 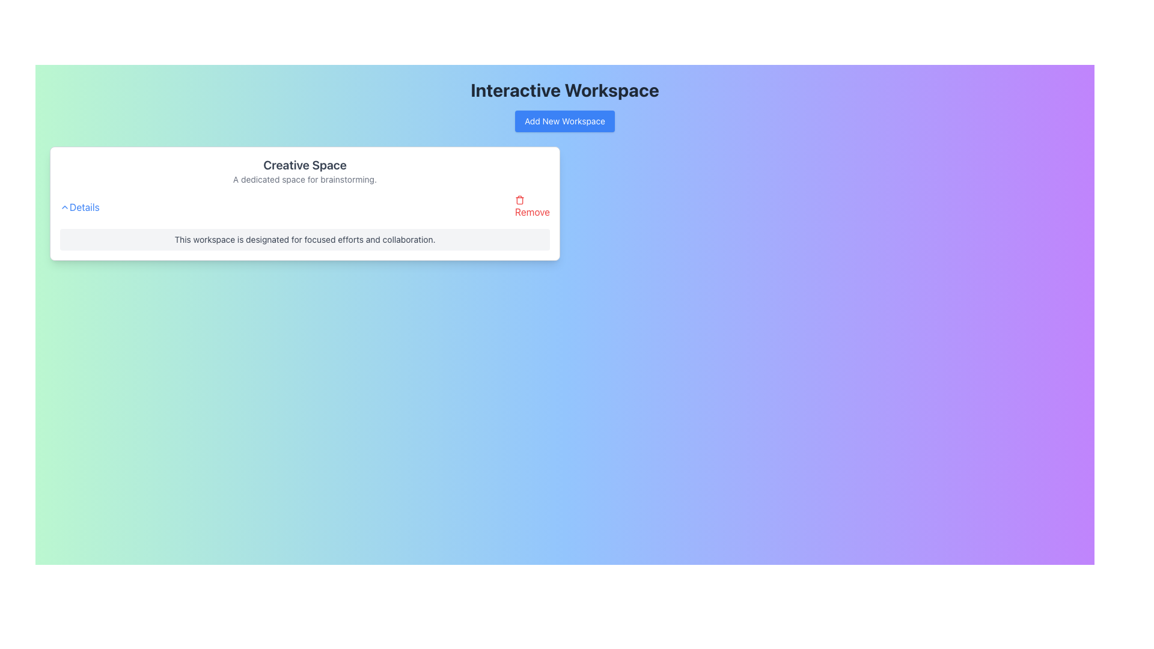 What do you see at coordinates (564, 121) in the screenshot?
I see `the button located beneath the 'Interactive Workspace' header` at bounding box center [564, 121].